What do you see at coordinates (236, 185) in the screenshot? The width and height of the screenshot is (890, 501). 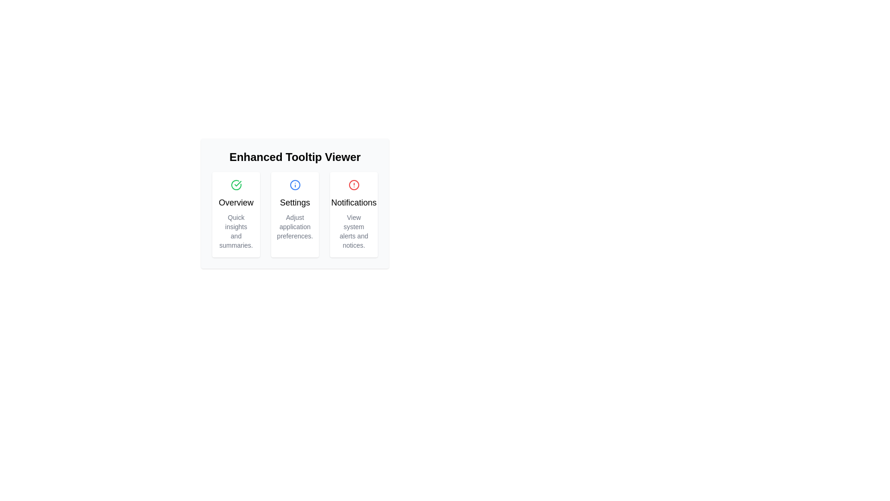 I see `the confirmation icon located in the top-left corner of the 'Overview' card, which indicates the card's purpose or status, for visual confirmation` at bounding box center [236, 185].